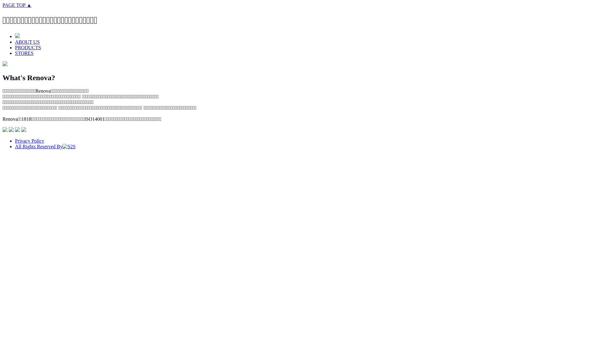 Image resolution: width=599 pixels, height=337 pixels. Describe the element at coordinates (24, 53) in the screenshot. I see `'STORES'` at that location.